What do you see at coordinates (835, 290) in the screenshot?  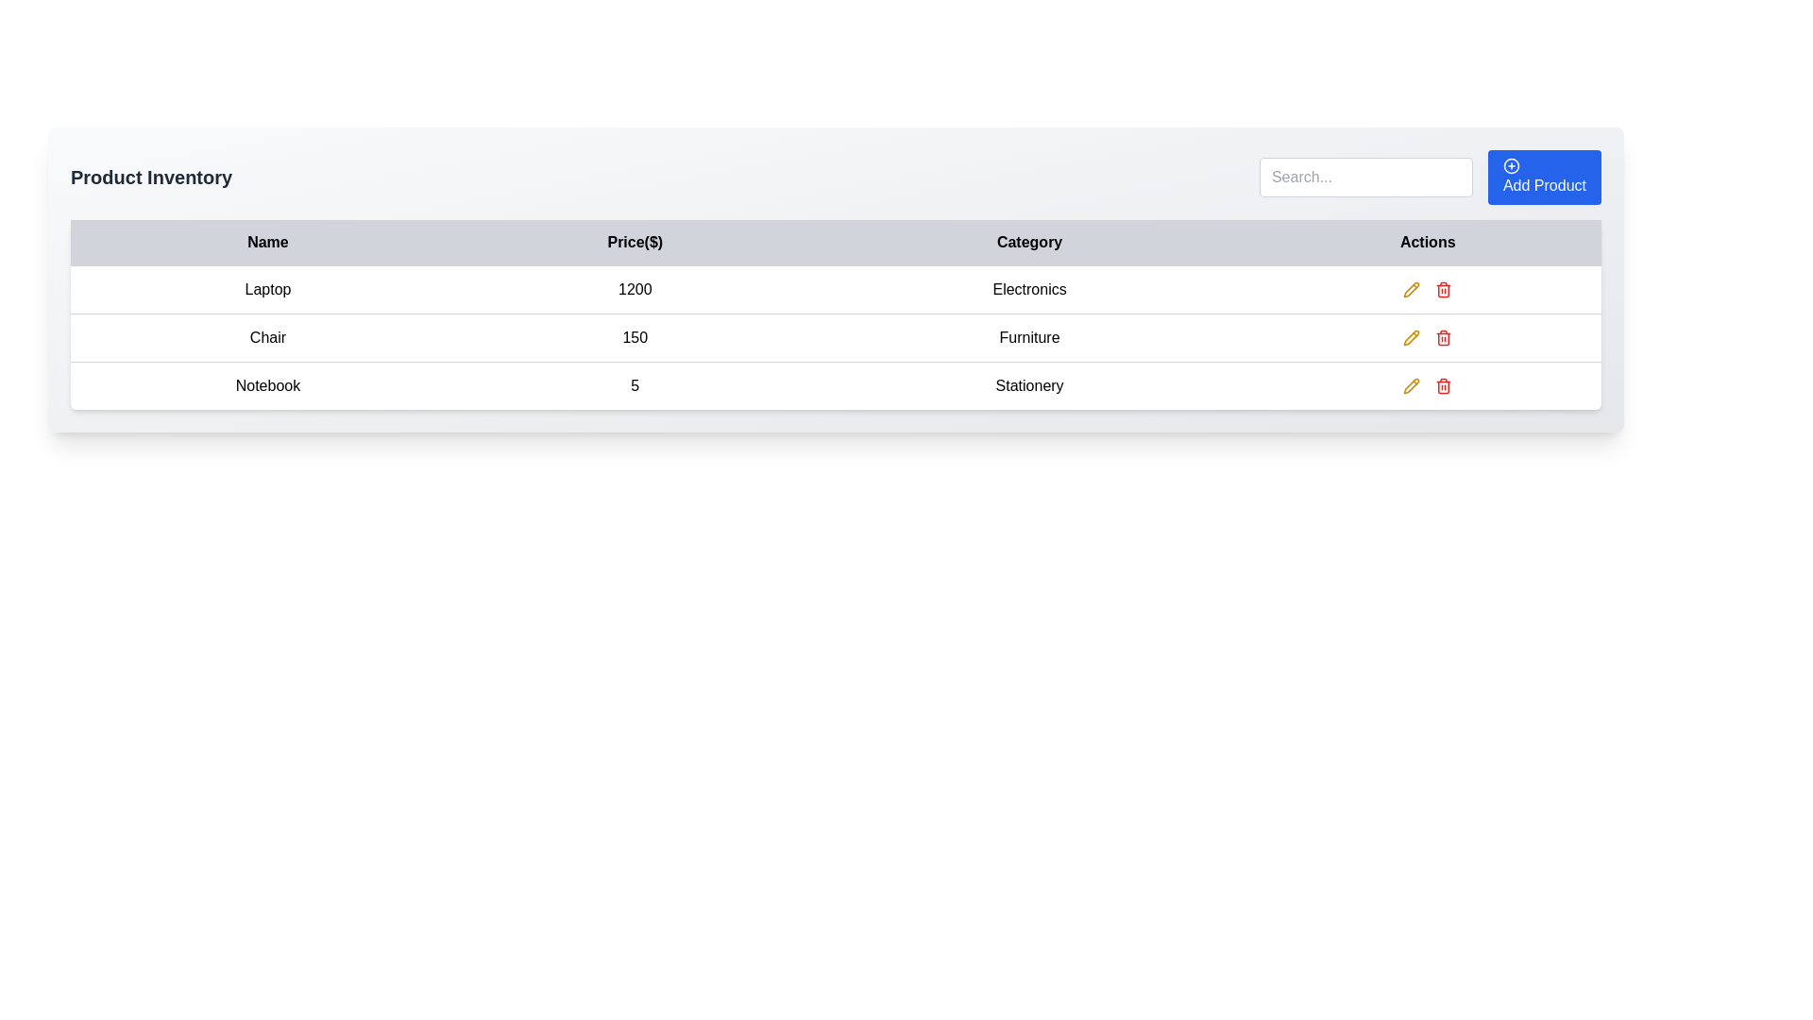 I see `the first row of the table in the 'Product Inventory' interface that displays the details for 'Laptop', '1200', and 'Electronics'` at bounding box center [835, 290].